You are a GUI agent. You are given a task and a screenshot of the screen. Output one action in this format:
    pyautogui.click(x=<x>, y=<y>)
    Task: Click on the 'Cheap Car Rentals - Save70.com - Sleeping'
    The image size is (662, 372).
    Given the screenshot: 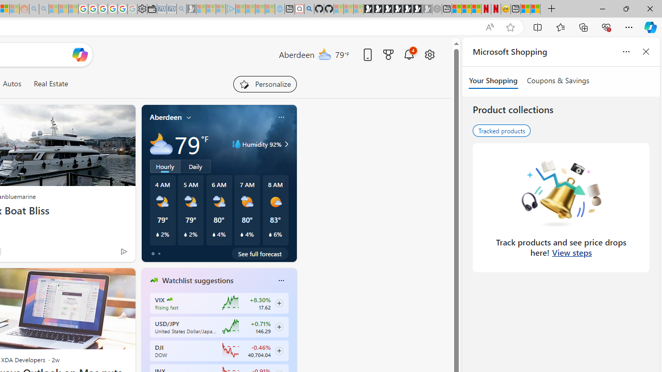 What is the action you would take?
    pyautogui.click(x=171, y=9)
    